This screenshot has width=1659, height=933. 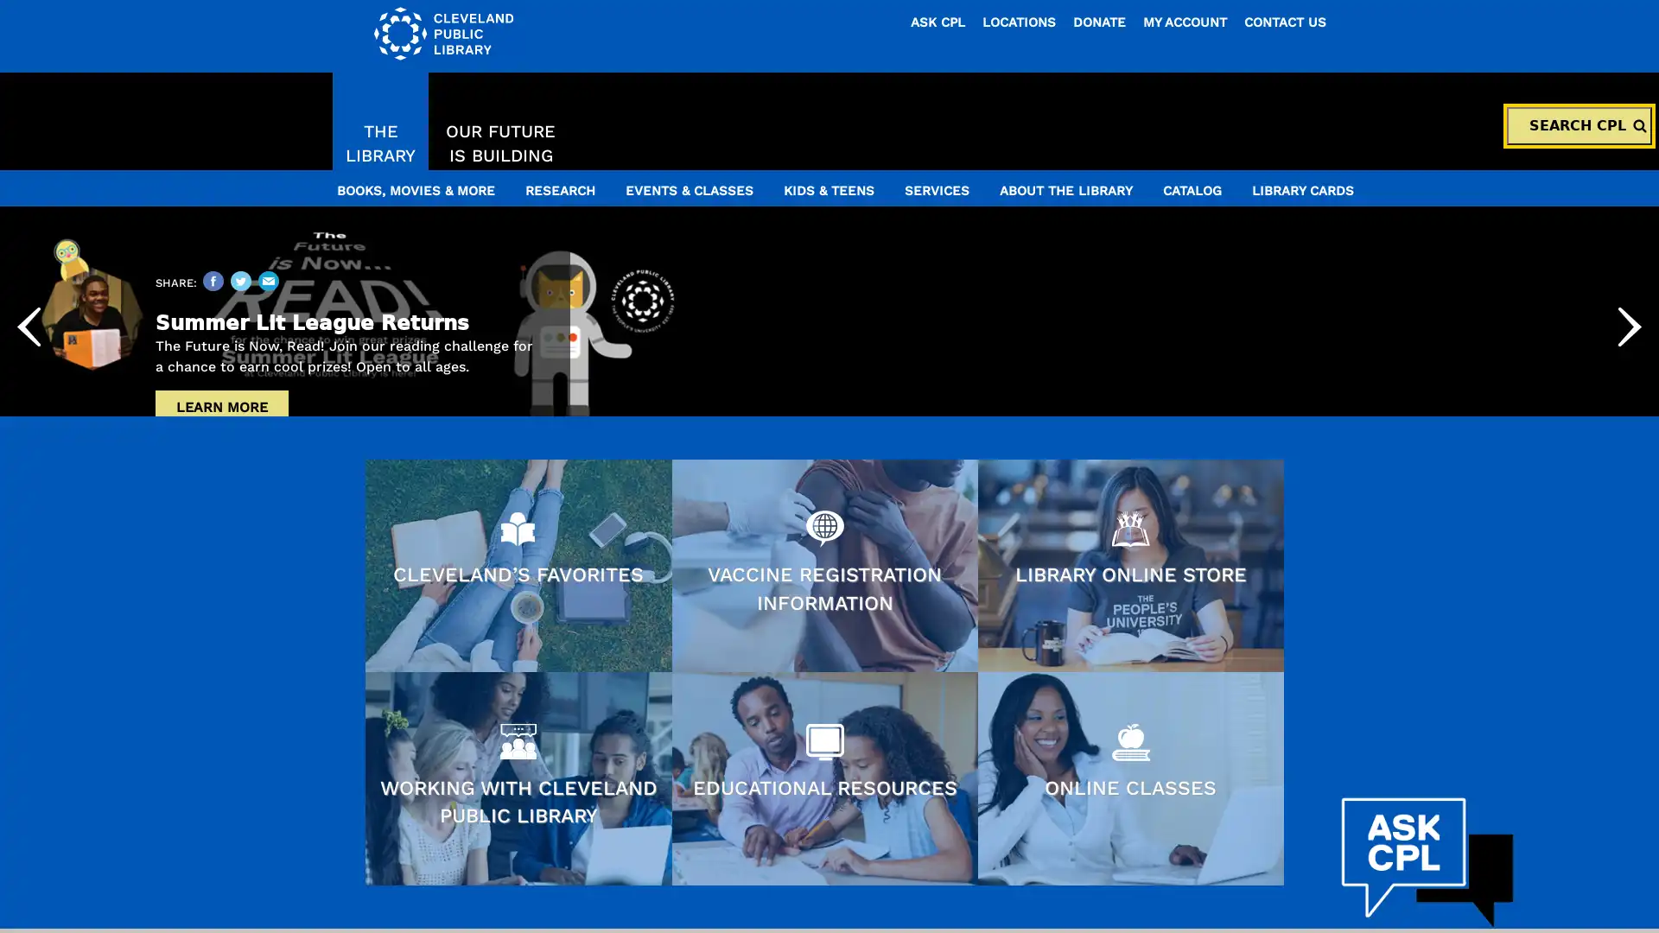 What do you see at coordinates (1629, 454) in the screenshot?
I see `Next` at bounding box center [1629, 454].